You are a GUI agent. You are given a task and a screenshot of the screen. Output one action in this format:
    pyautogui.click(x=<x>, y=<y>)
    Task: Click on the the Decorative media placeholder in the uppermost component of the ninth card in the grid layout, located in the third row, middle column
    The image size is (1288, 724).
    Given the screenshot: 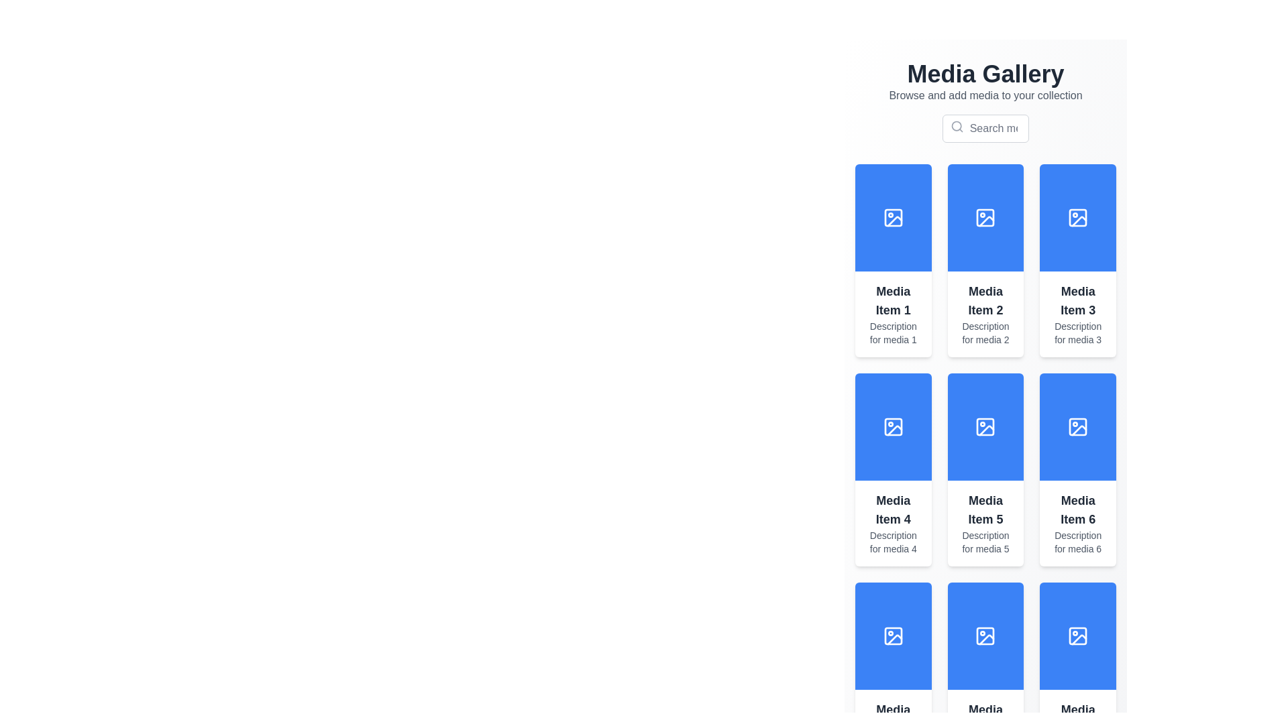 What is the action you would take?
    pyautogui.click(x=985, y=635)
    